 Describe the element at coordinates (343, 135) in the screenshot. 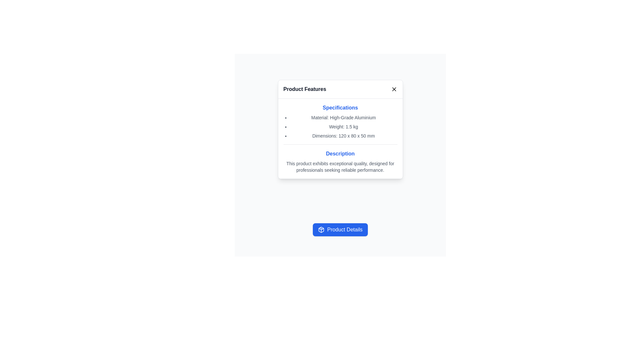

I see `the Text Label displaying product dimensions, which is the third item under the 'Specifications' header` at that location.